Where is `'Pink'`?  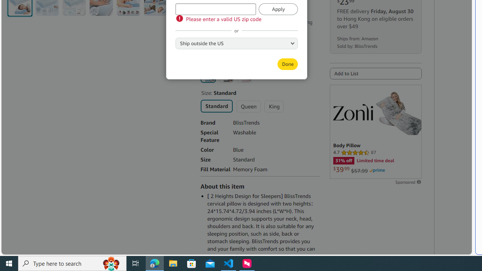 'Pink' is located at coordinates (244, 75).